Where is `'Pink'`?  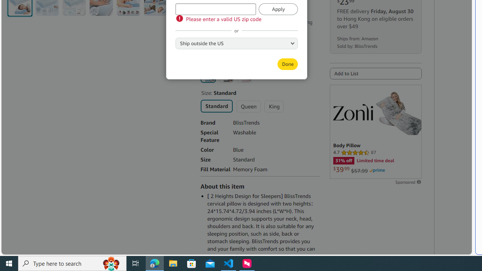 'Pink' is located at coordinates (244, 75).